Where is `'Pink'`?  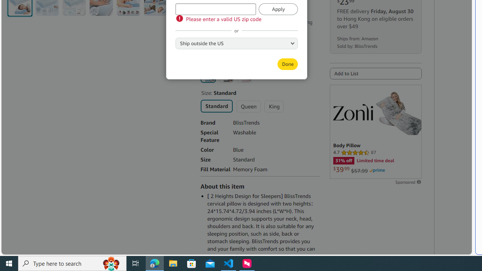 'Pink' is located at coordinates (244, 75).